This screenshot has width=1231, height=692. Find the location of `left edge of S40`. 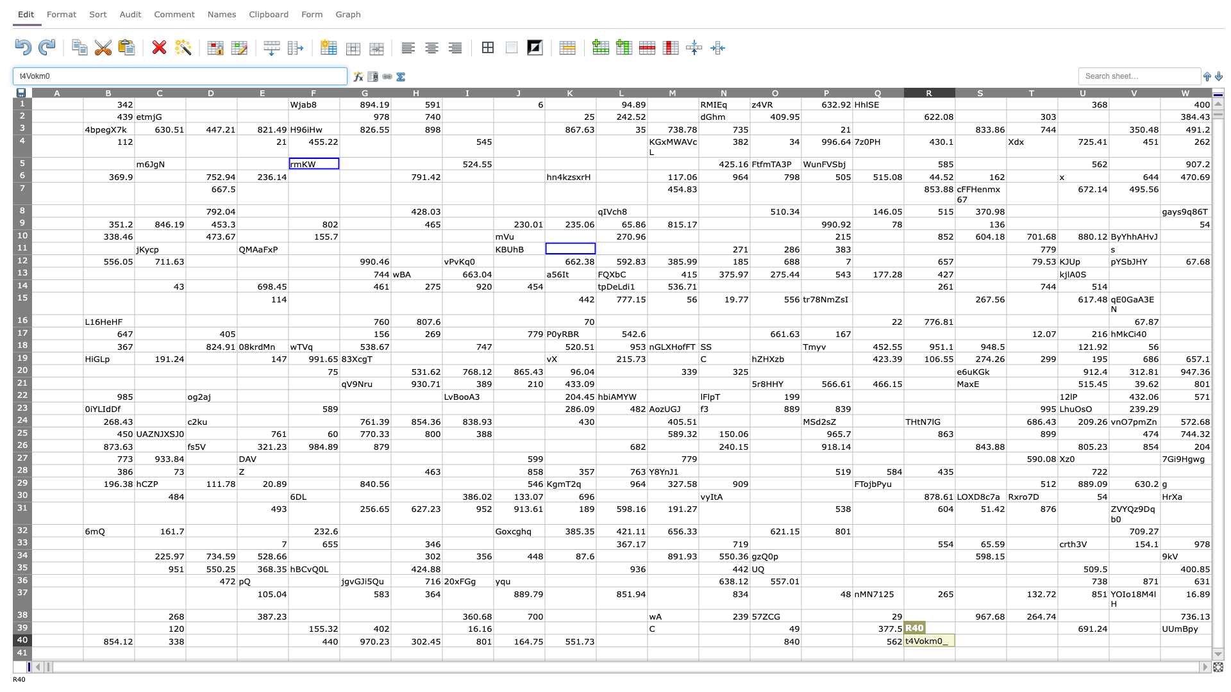

left edge of S40 is located at coordinates (955, 640).